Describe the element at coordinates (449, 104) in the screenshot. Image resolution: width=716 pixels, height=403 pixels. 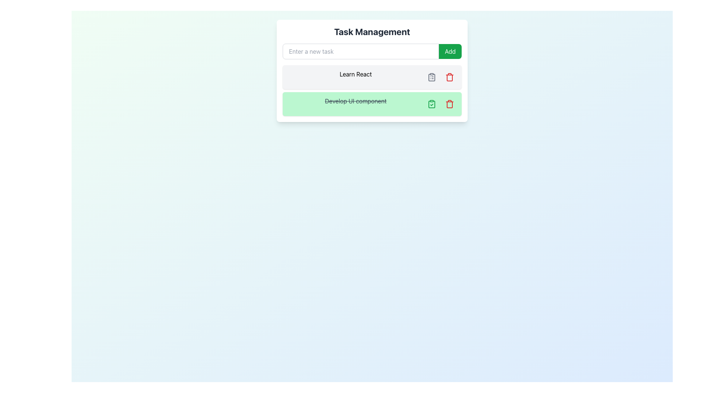
I see `the red trash icon button for delete functionality, located adjacent to the green checkbox of the task item labeled 'Develop UI component'` at that location.